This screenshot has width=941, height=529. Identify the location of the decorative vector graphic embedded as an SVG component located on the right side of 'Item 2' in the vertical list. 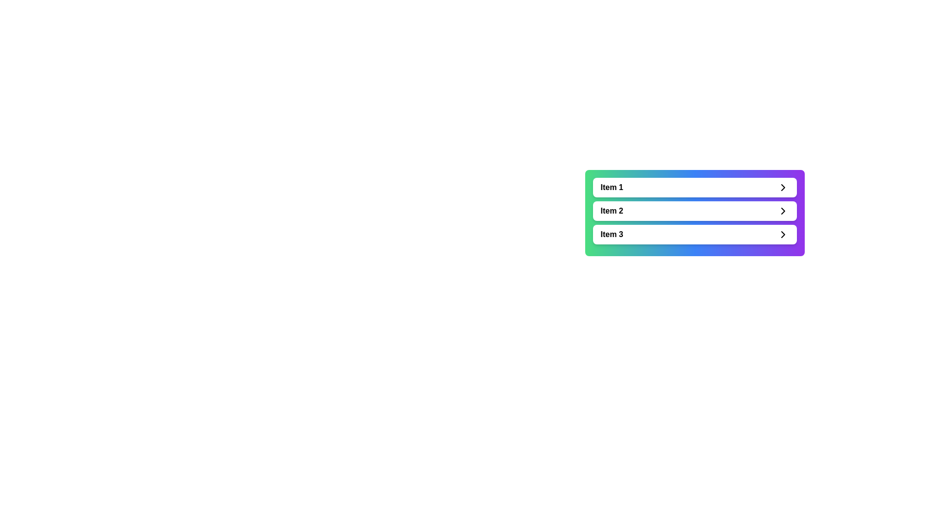
(782, 211).